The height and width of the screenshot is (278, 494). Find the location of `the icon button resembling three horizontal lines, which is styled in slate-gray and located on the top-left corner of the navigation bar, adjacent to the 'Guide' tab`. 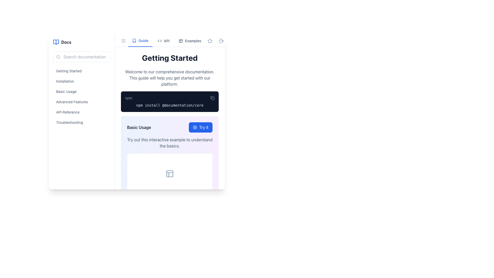

the icon button resembling three horizontal lines, which is styled in slate-gray and located on the top-left corner of the navigation bar, adjacent to the 'Guide' tab is located at coordinates (123, 40).